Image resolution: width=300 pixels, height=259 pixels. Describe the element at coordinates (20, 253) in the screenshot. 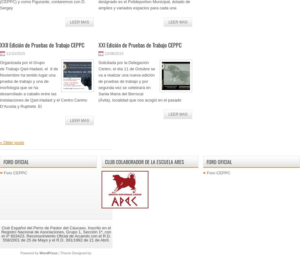

I see `'Powered by'` at that location.